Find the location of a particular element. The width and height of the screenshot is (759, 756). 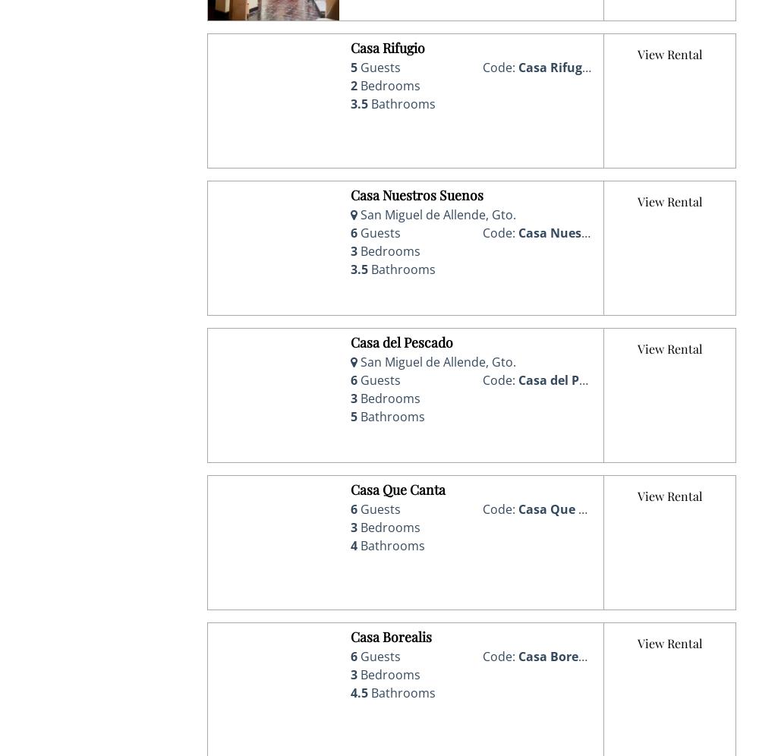

'4.5' is located at coordinates (350, 693).